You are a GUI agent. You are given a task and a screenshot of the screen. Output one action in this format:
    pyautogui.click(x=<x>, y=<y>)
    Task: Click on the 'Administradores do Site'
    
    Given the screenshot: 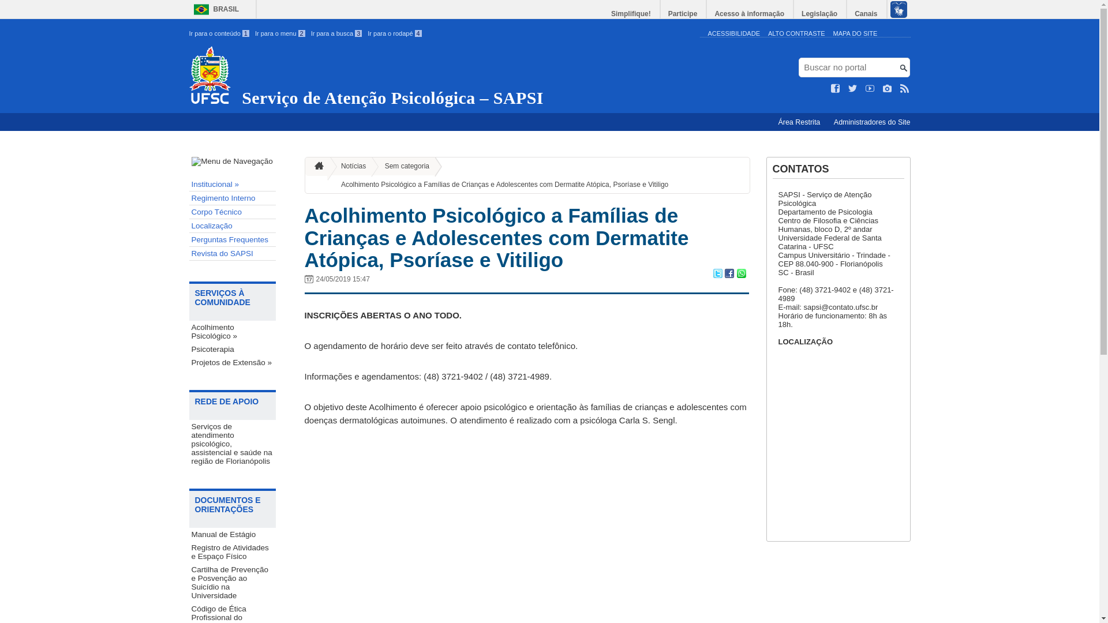 What is the action you would take?
    pyautogui.click(x=828, y=122)
    